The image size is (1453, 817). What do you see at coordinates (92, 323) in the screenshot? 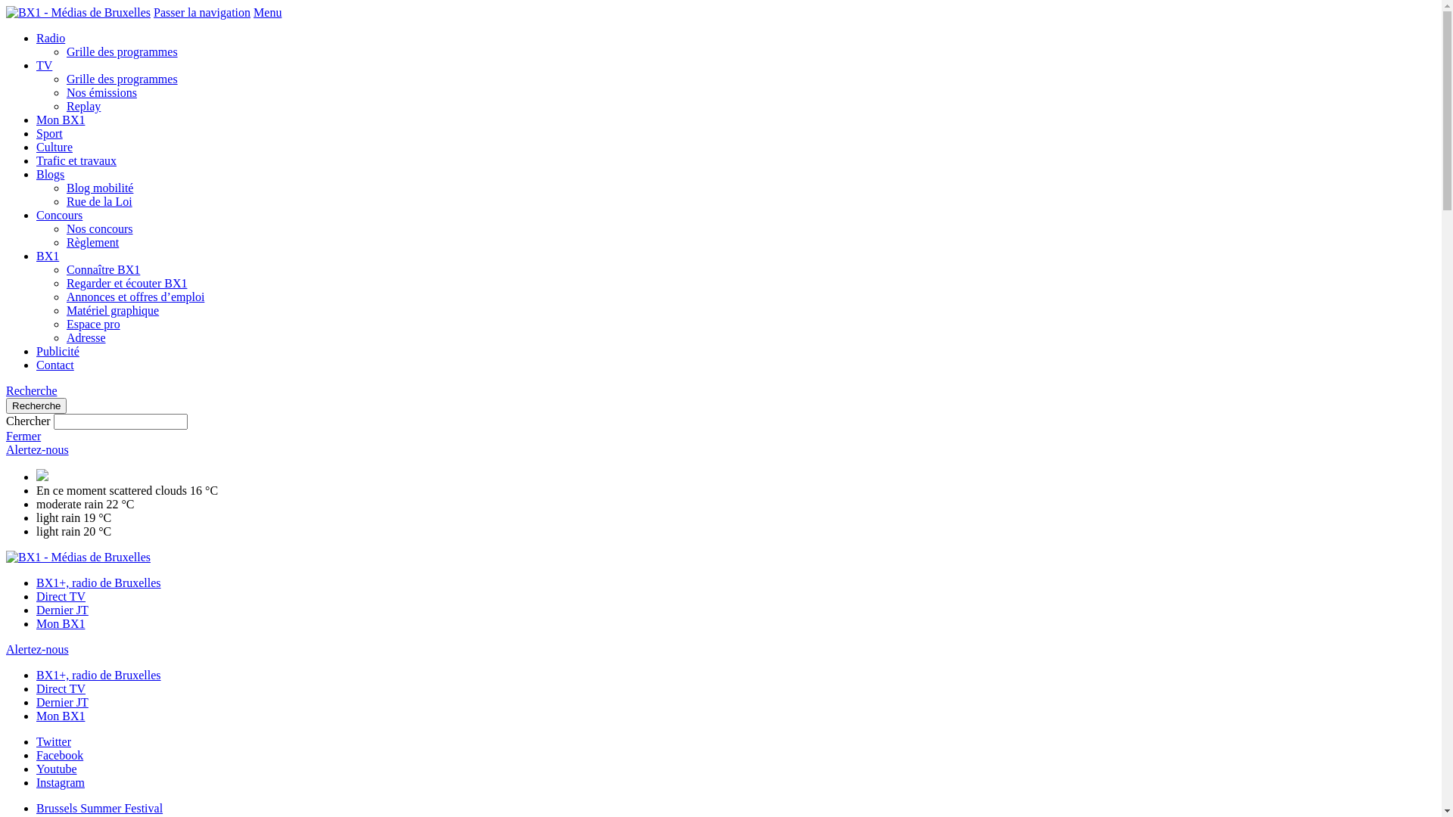
I see `'Espace pro'` at bounding box center [92, 323].